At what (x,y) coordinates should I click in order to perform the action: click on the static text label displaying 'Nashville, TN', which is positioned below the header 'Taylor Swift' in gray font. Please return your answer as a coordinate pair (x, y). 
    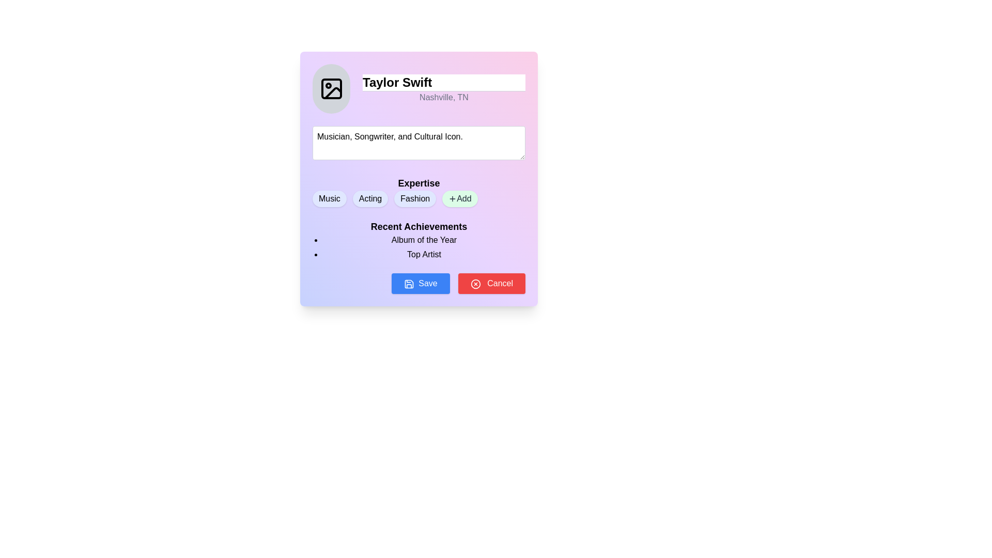
    Looking at the image, I should click on (444, 97).